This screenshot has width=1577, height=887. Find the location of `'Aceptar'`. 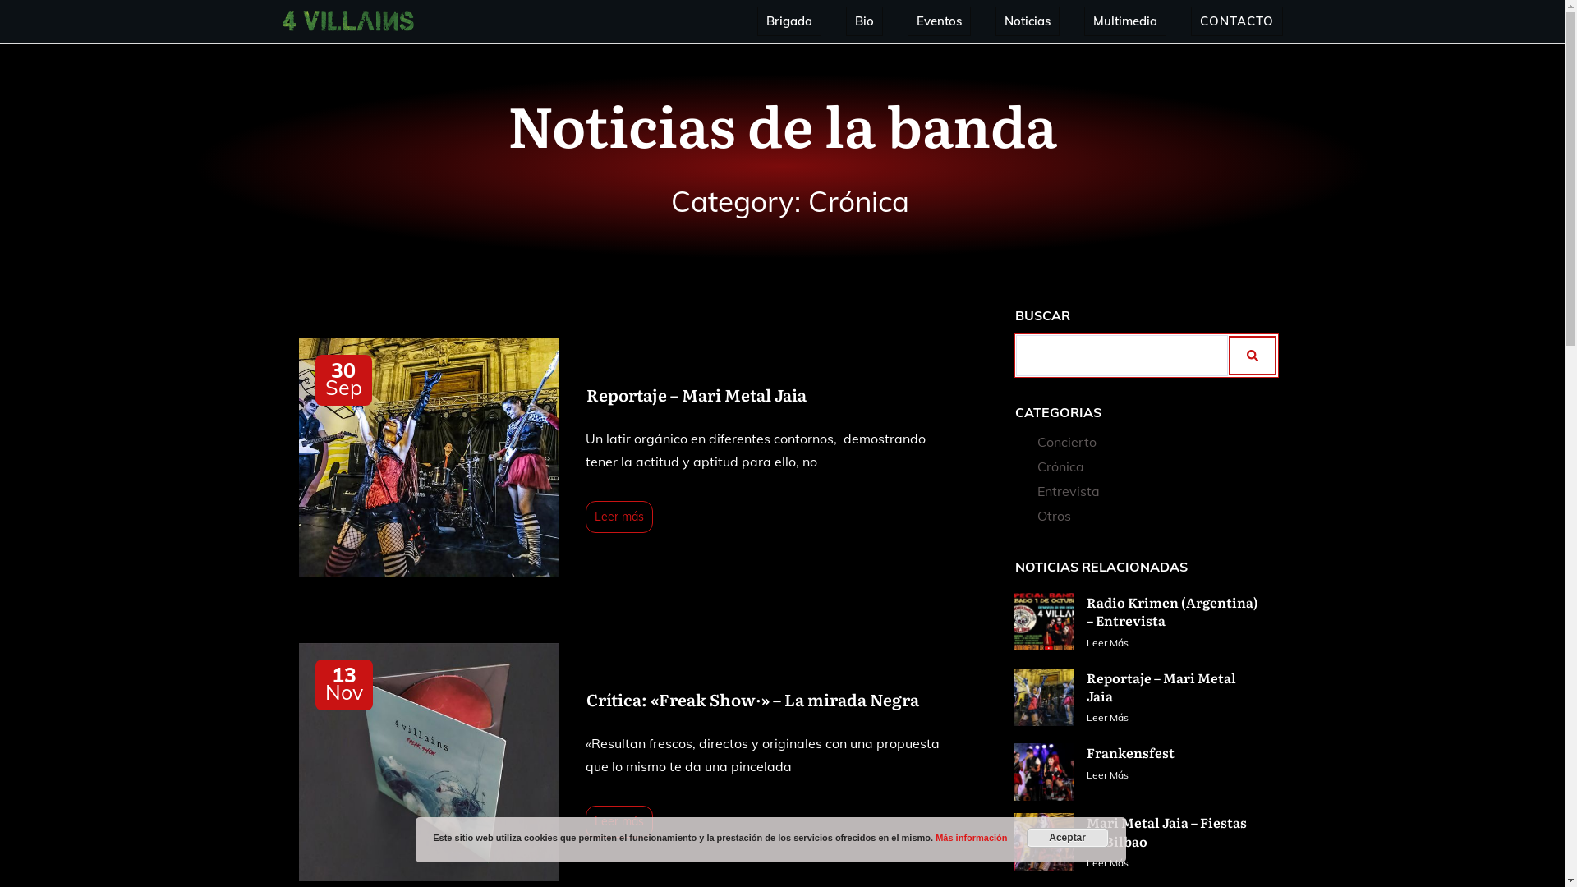

'Aceptar' is located at coordinates (1068, 837).